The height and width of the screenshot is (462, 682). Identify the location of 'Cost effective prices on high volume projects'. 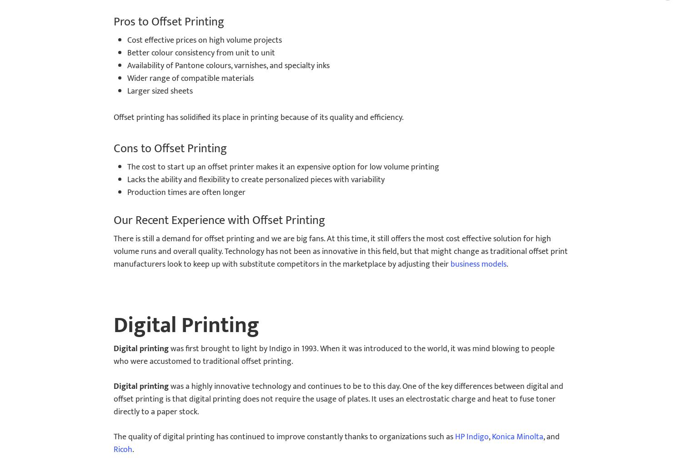
(127, 40).